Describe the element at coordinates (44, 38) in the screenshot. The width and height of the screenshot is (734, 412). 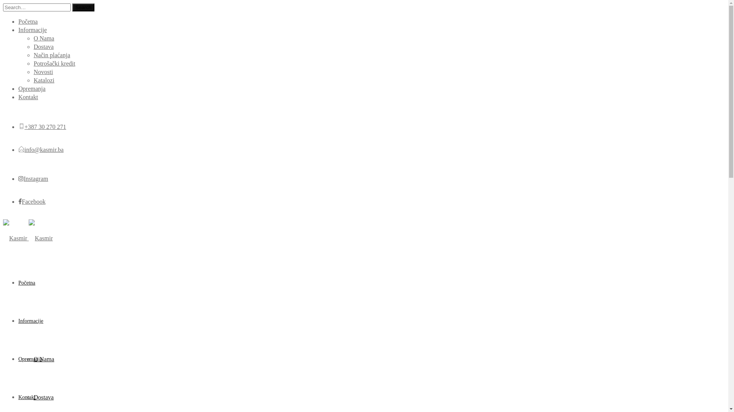
I see `'O Nama'` at that location.